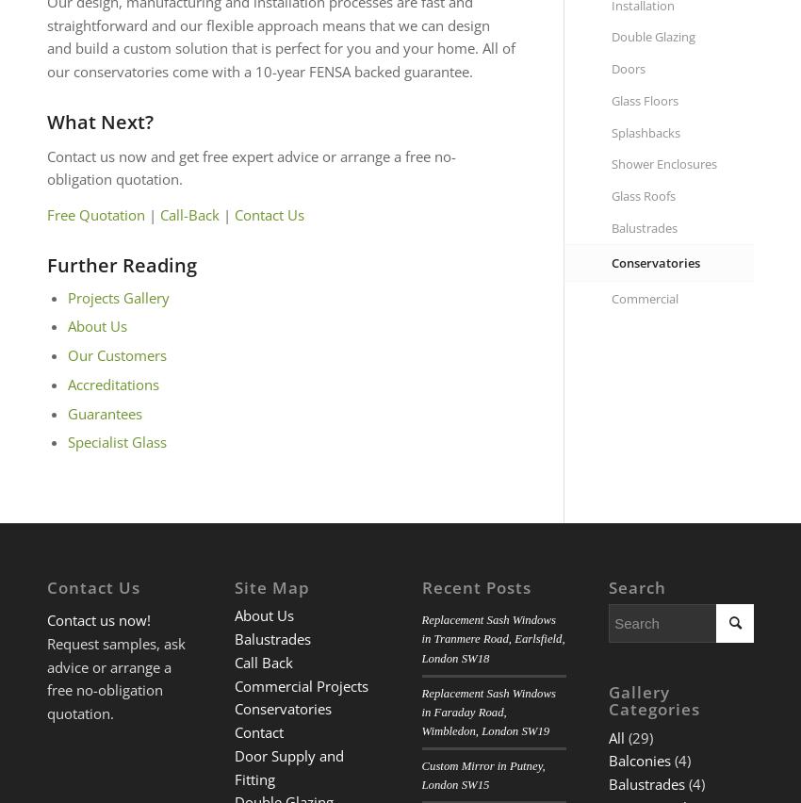 Image resolution: width=801 pixels, height=803 pixels. What do you see at coordinates (651, 37) in the screenshot?
I see `'Double Glazing'` at bounding box center [651, 37].